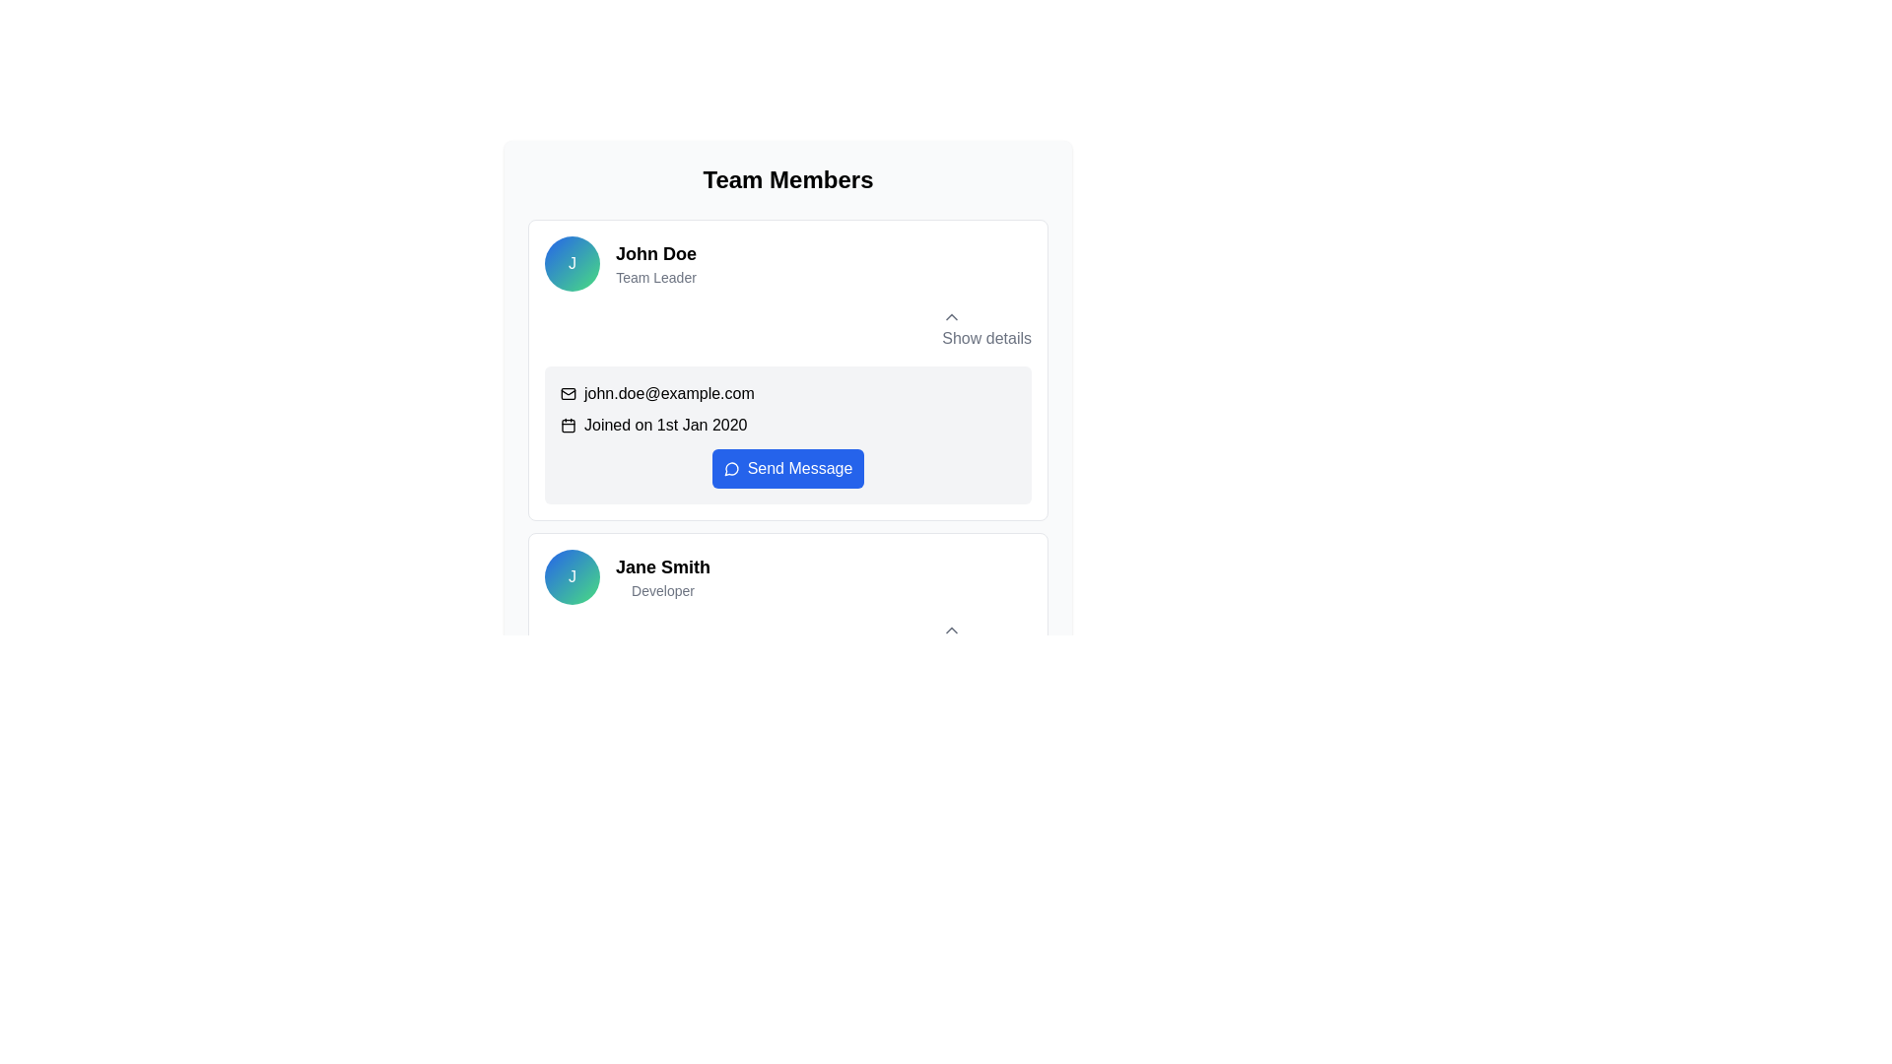 This screenshot has height=1064, width=1892. I want to click on the upward-pointing gray chevron icon located in the top-right corner of the user profile card, which is part of the 'Show details' section, to receive additional visual feedback, so click(952, 631).